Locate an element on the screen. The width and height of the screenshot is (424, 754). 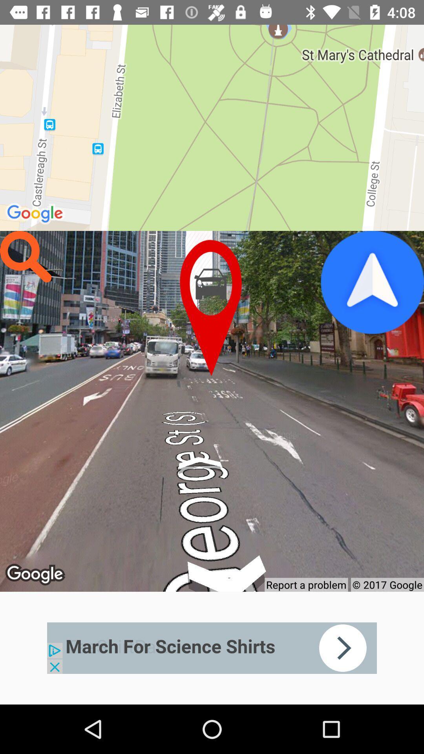
option is located at coordinates (372, 282).